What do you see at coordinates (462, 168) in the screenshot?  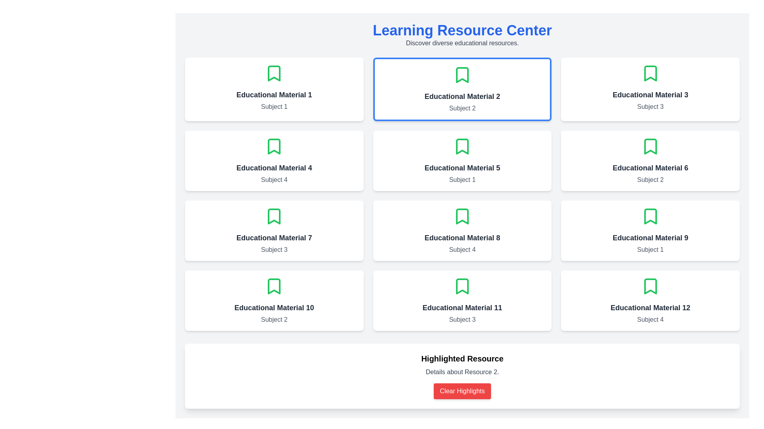 I see `the bold text label reading 'Educational Material 5' which is centered in a rectangular card located in the second column of the second row of the grid layout` at bounding box center [462, 168].